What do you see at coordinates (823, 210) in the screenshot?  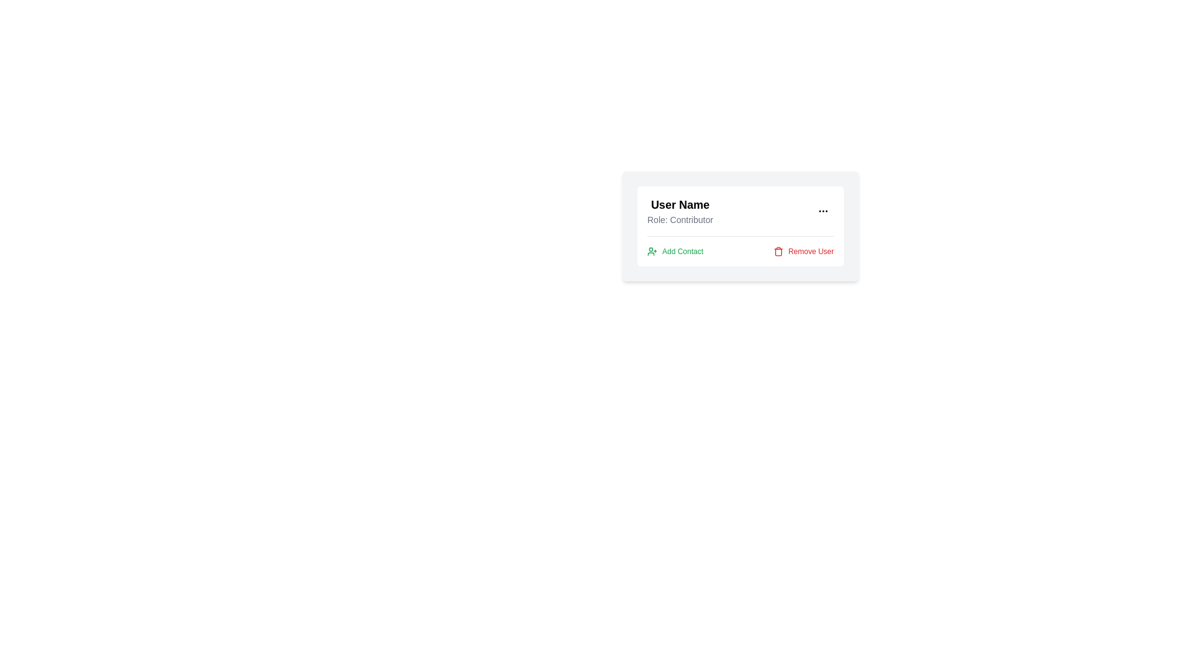 I see `the menu trigger button located at the top-right corner of the user role section, adjacent to 'User Name' and 'Role: Contributor'` at bounding box center [823, 210].